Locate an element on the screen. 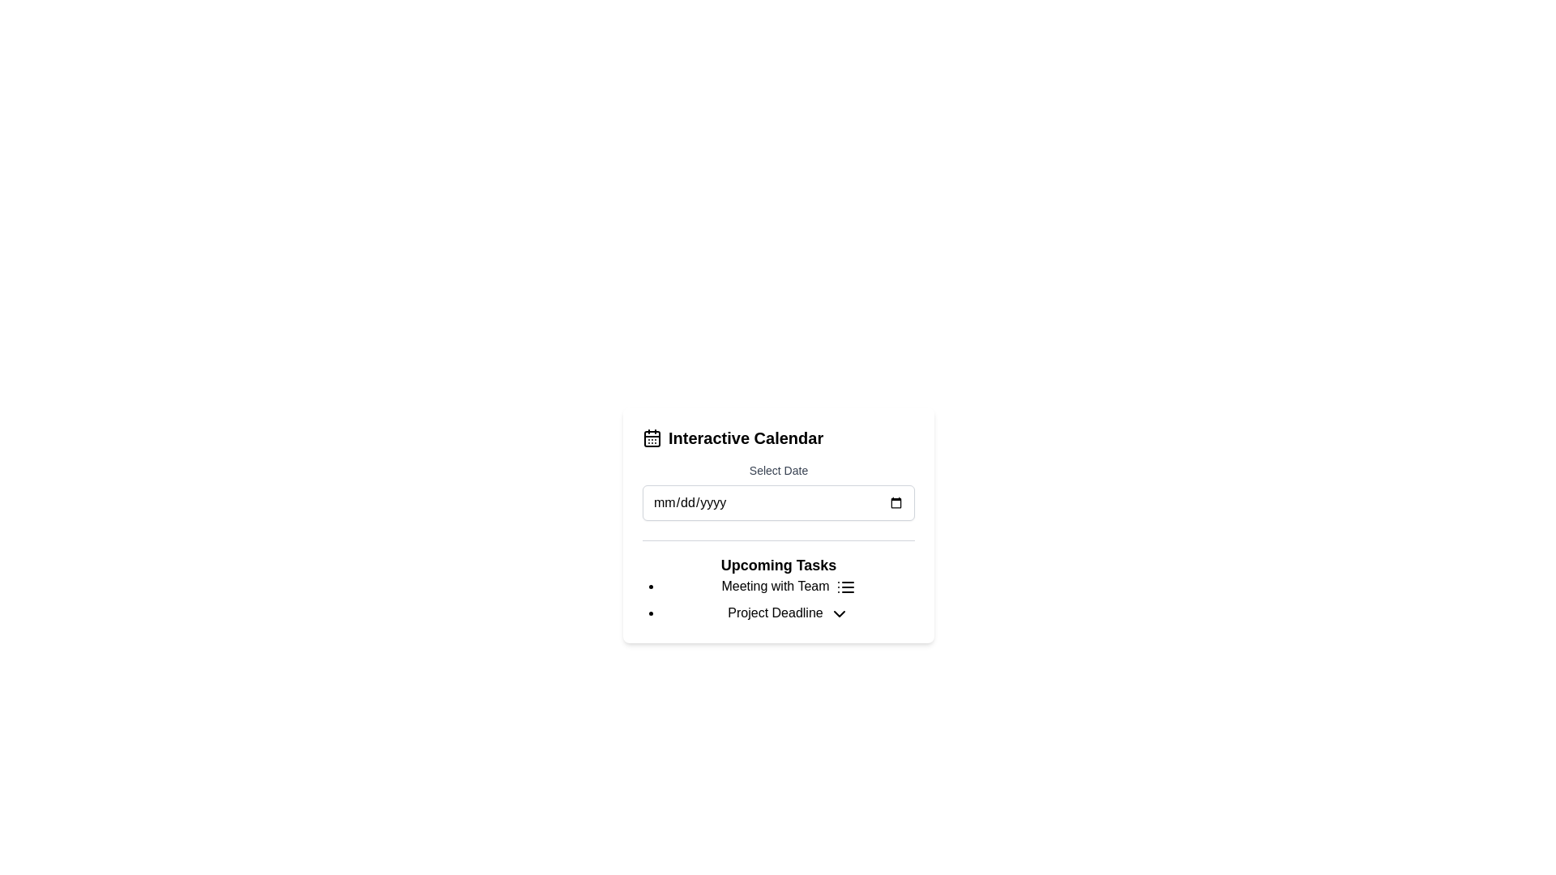  the 'Meeting with Team' text label in the 'Upcoming Tasks' list is located at coordinates (774, 586).